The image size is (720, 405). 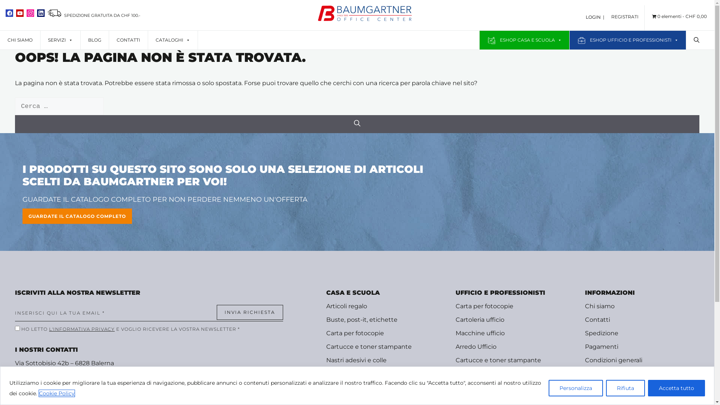 What do you see at coordinates (365, 14) in the screenshot?
I see `'Shop Baumgartner'` at bounding box center [365, 14].